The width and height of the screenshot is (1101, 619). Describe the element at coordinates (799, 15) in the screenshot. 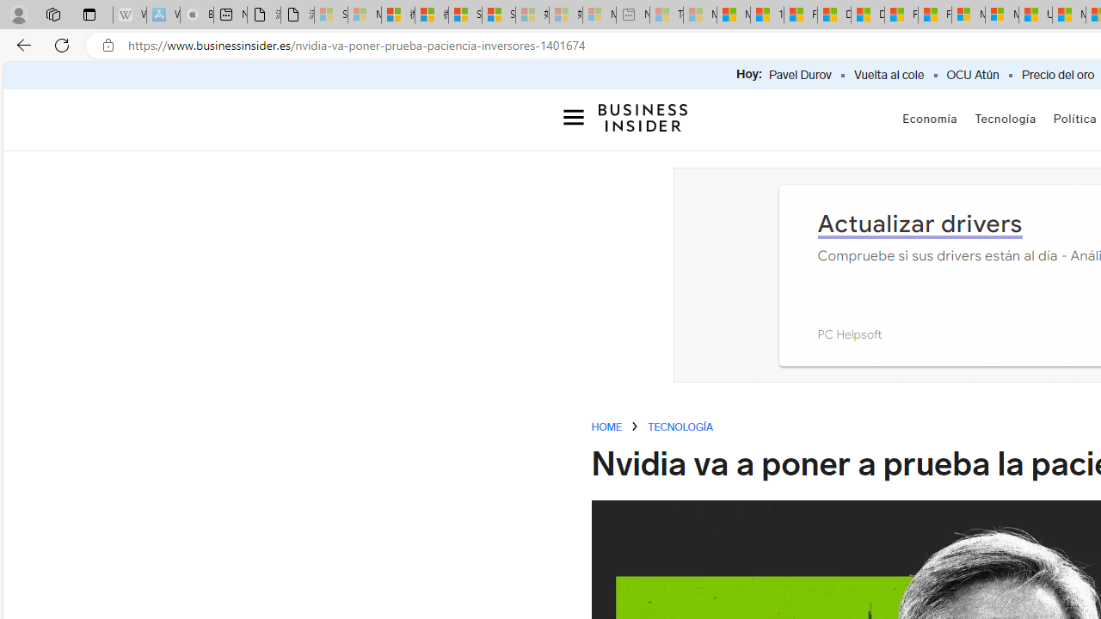

I see `'Food and Drink - MSN'` at that location.